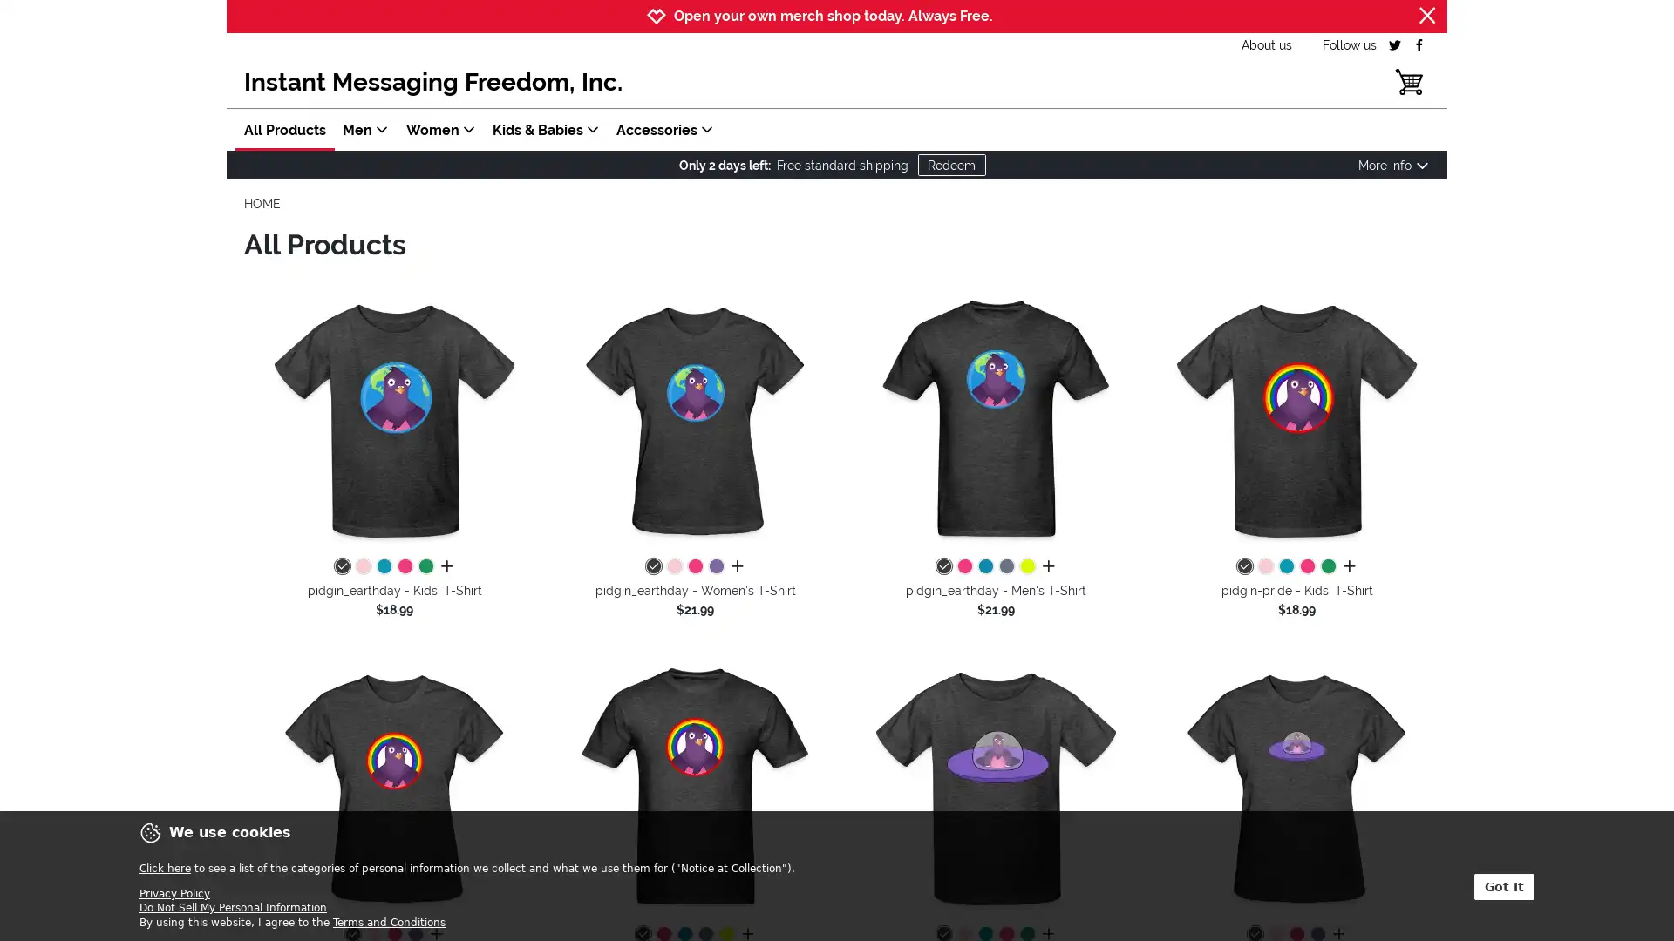  I want to click on heather black, so click(651, 567).